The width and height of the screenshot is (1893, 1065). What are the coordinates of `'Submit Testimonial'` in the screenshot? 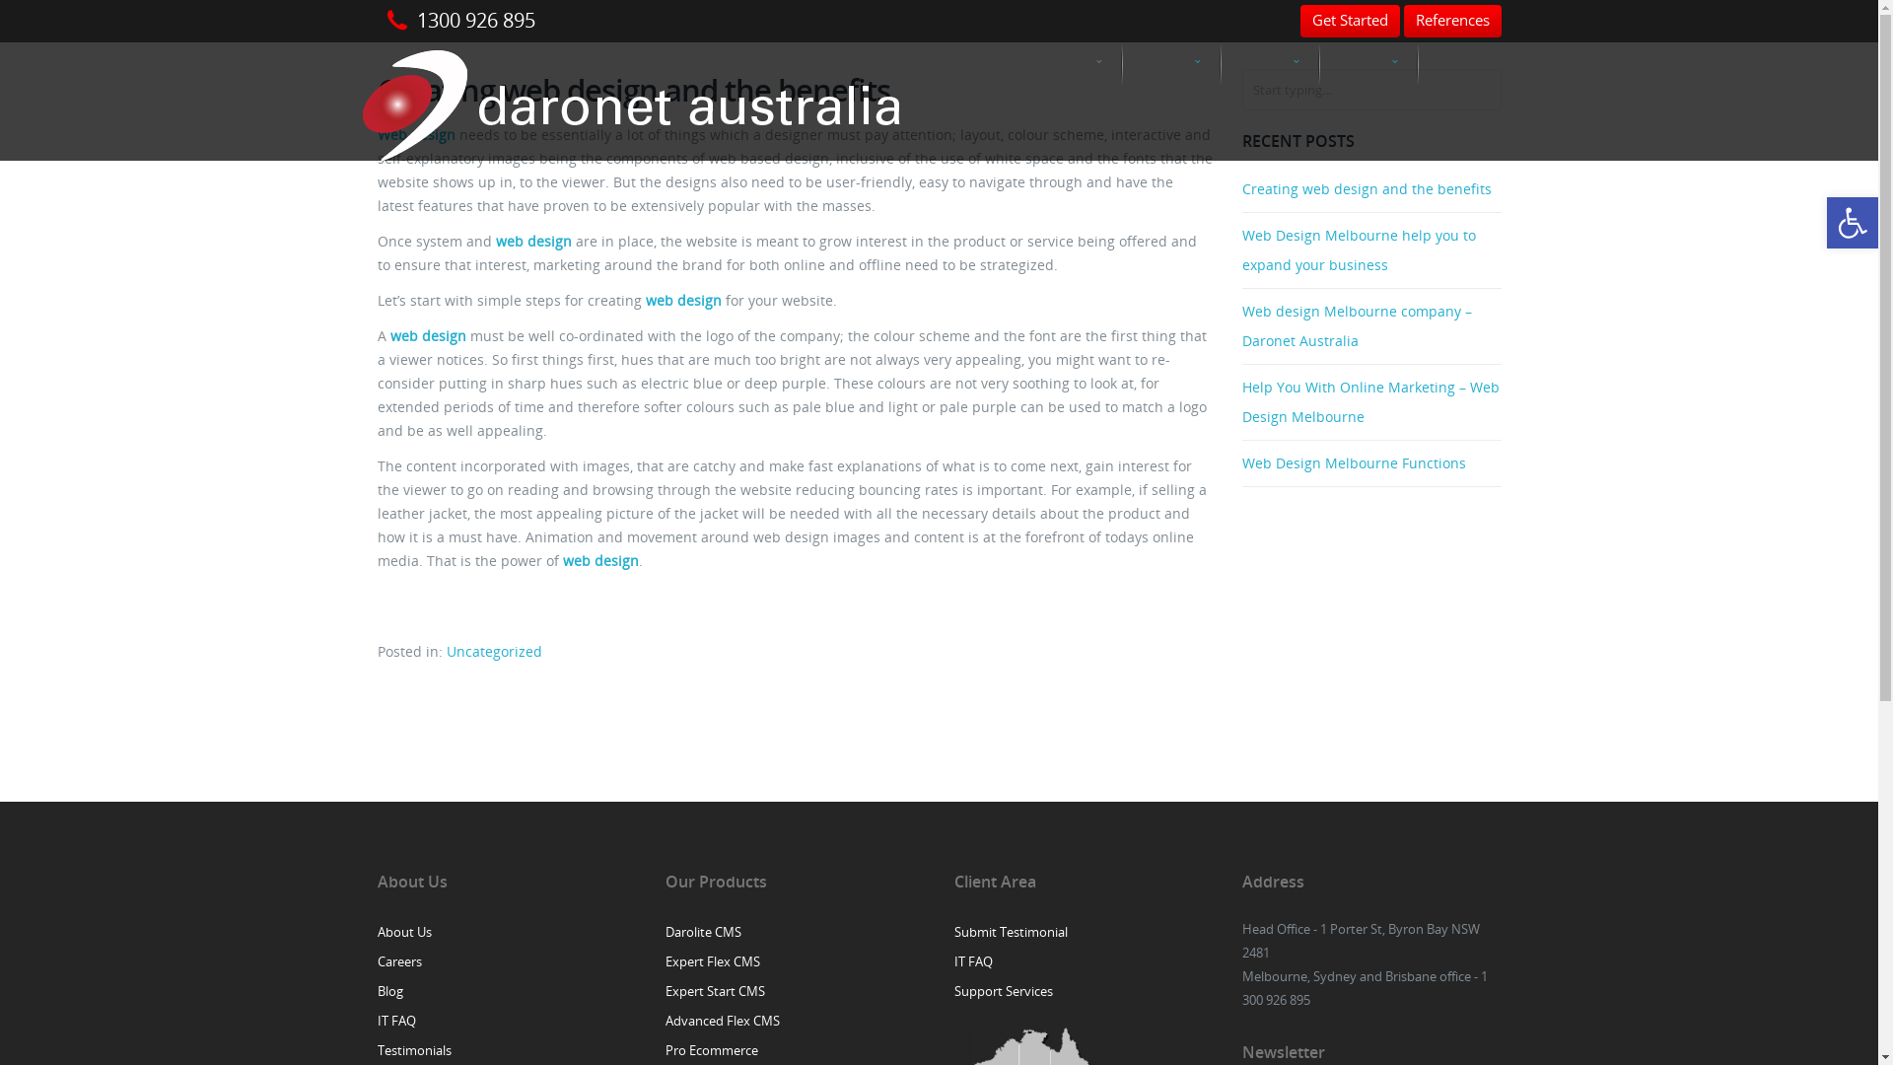 It's located at (1011, 932).